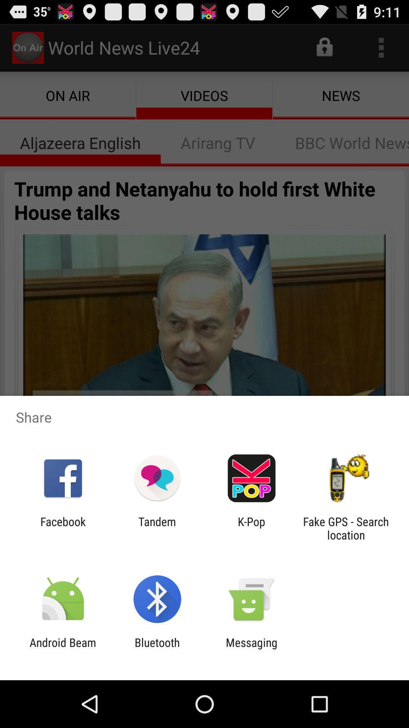  I want to click on item next to bluetooth, so click(62, 649).